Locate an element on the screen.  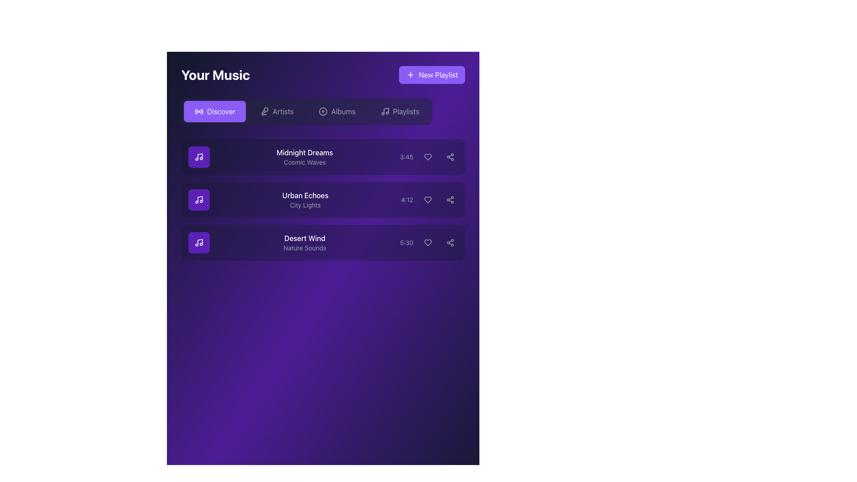
the 'Artists' button in the navigation group located beneath the 'Your Music' heading is located at coordinates (276, 111).